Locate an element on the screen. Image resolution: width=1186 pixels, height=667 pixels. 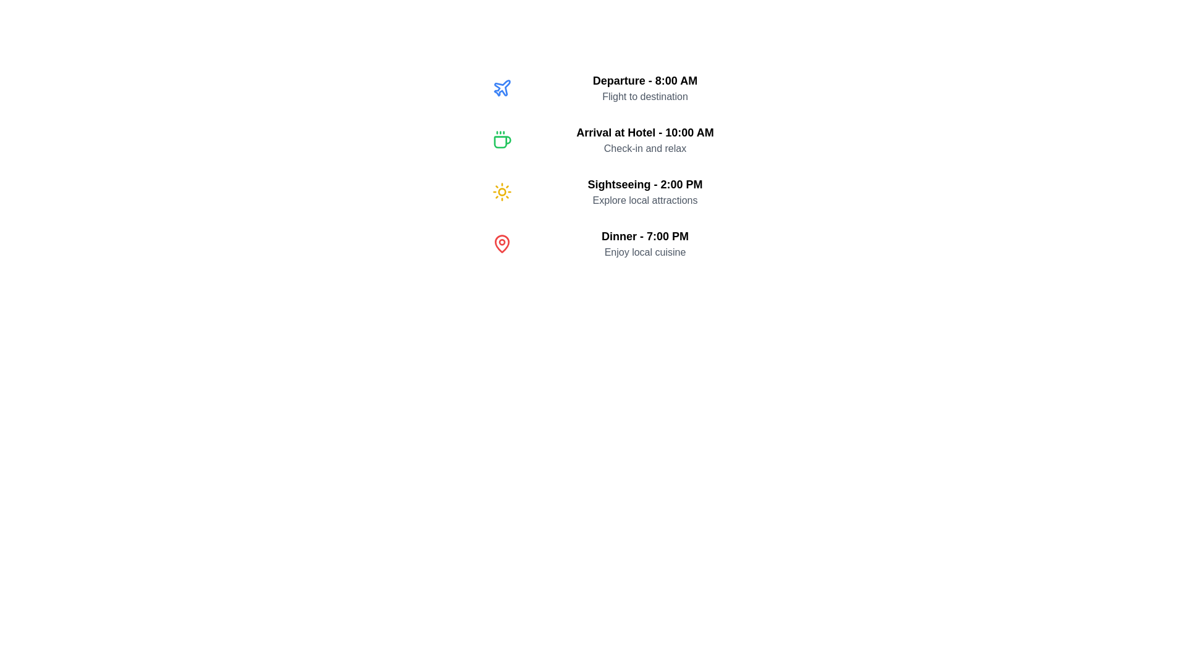
the static item containing the yellow sun icon and text 'Sightseeing - 2:00 PM', which is the third entry in a vertical list of scheduled activities is located at coordinates (630, 192).